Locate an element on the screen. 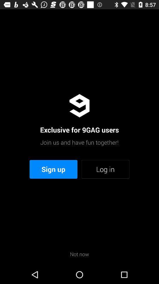 Image resolution: width=159 pixels, height=284 pixels. the not now is located at coordinates (79, 254).